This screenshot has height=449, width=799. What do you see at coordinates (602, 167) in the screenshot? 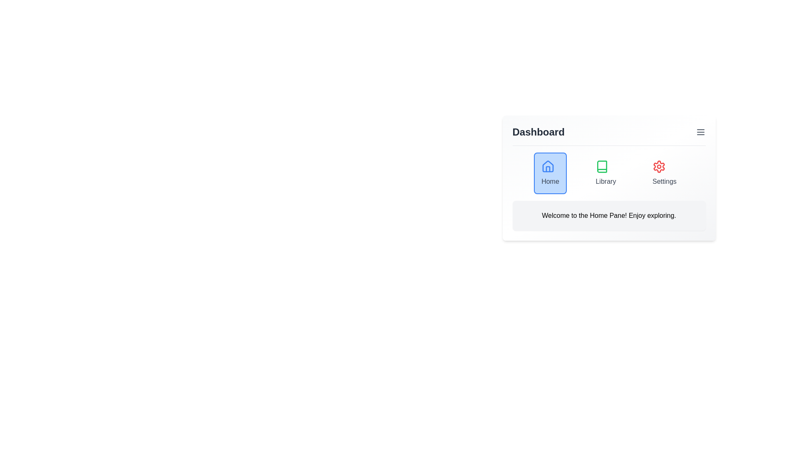
I see `the 'Library' icon, which is a rectangular, book-like icon with a green hue located in the main dashboard's navigation panel` at bounding box center [602, 167].